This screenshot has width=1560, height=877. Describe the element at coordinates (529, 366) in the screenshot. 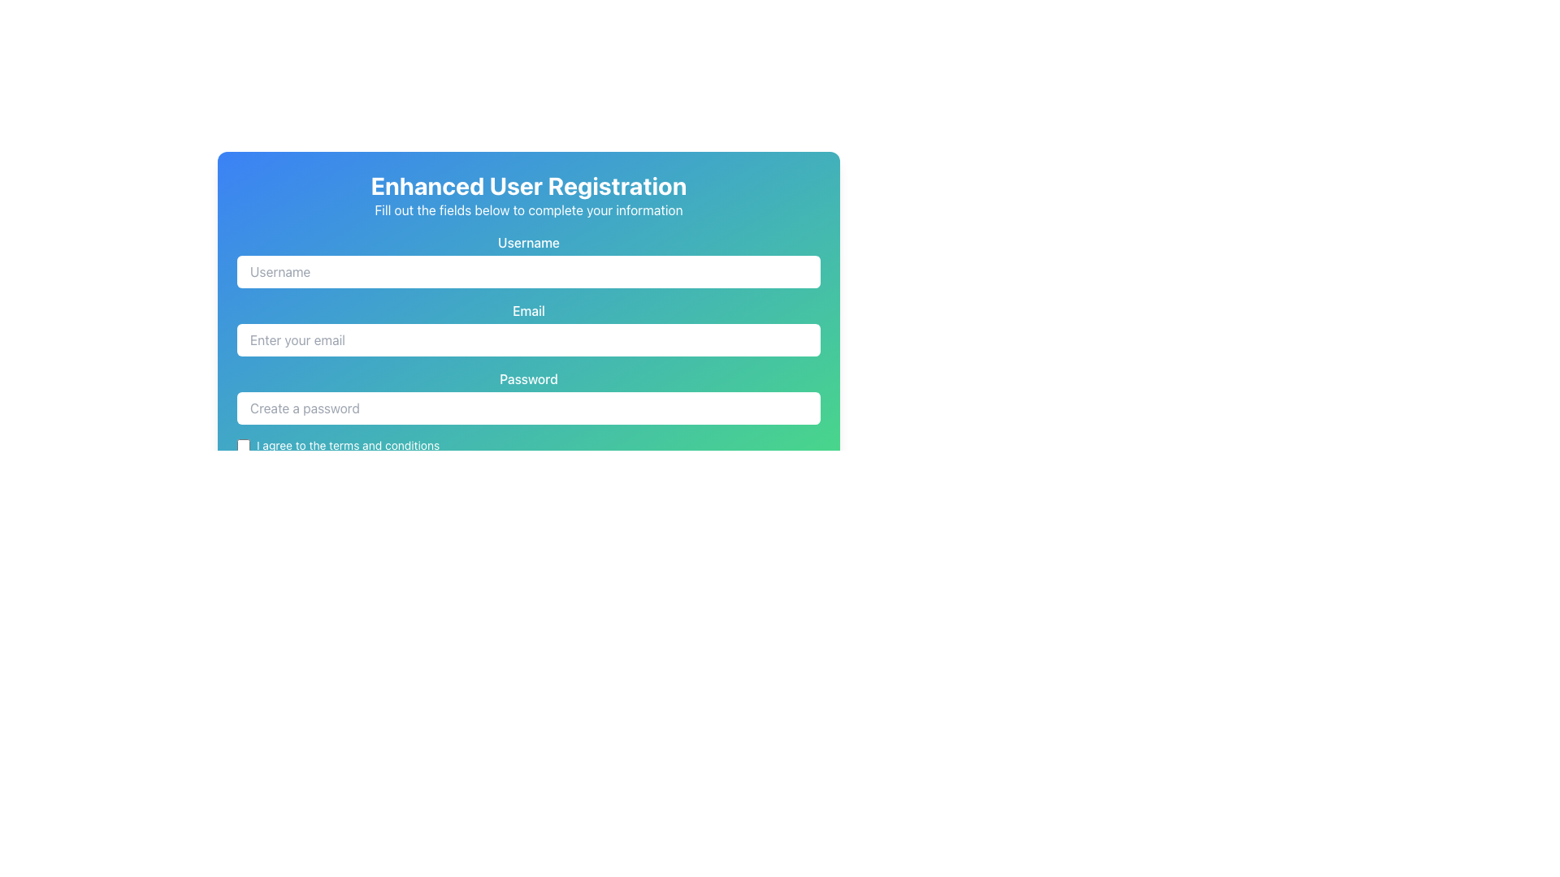

I see `the input fields of the Form Section to type in data, which includes 'Username', 'Email', and 'Password'` at that location.